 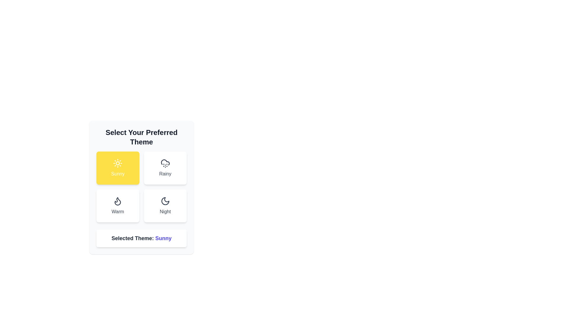 What do you see at coordinates (118, 168) in the screenshot?
I see `the theme button labeled Sunny to observe its hover effect` at bounding box center [118, 168].